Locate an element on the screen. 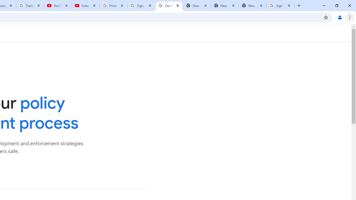 This screenshot has height=200, width=356. 'New Tab' is located at coordinates (252, 6).